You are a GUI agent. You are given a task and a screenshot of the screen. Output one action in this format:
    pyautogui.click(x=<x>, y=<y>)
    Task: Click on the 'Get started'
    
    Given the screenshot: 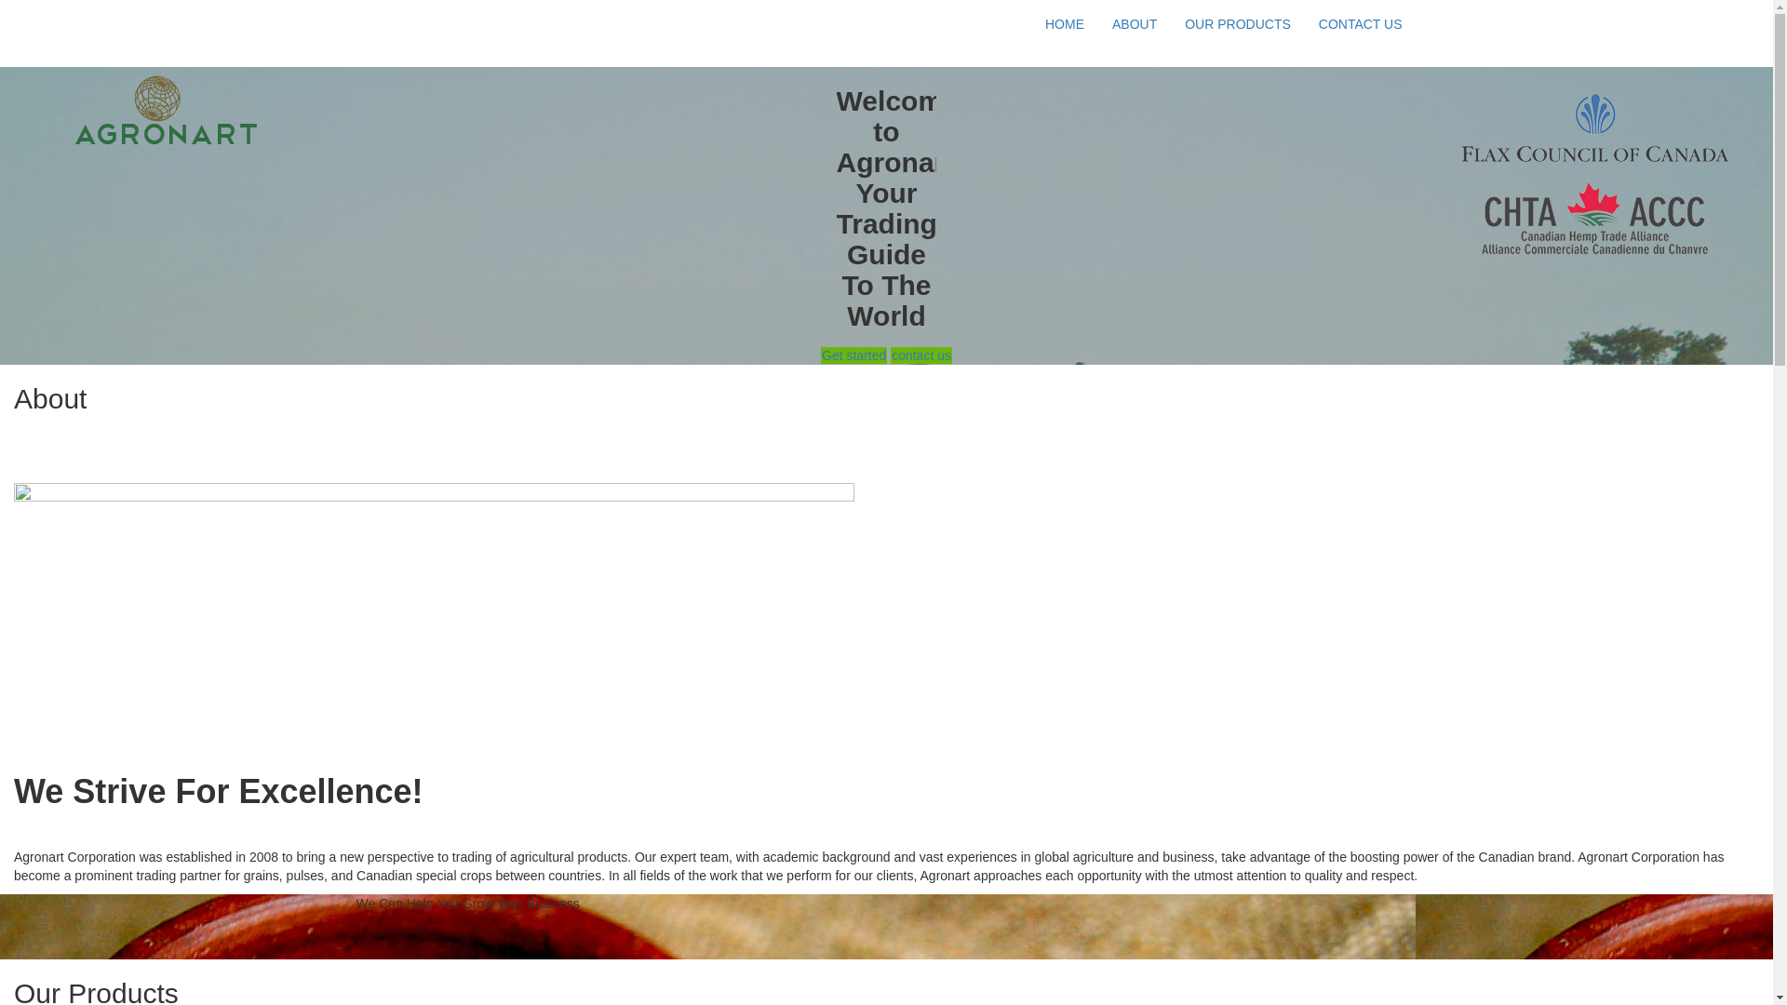 What is the action you would take?
    pyautogui.click(x=853, y=355)
    